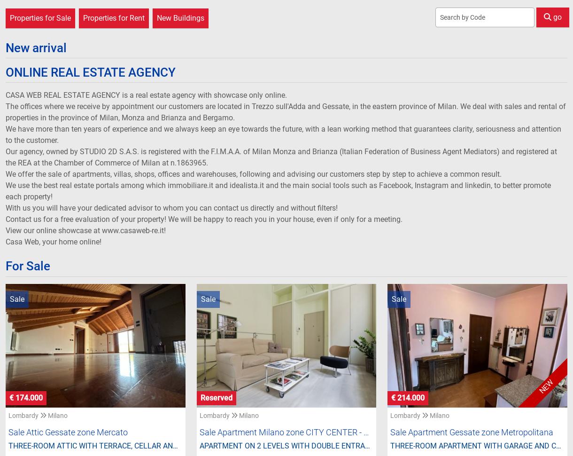 This screenshot has height=456, width=573. What do you see at coordinates (216, 9) in the screenshot?
I see `'€ 320.000'` at bounding box center [216, 9].